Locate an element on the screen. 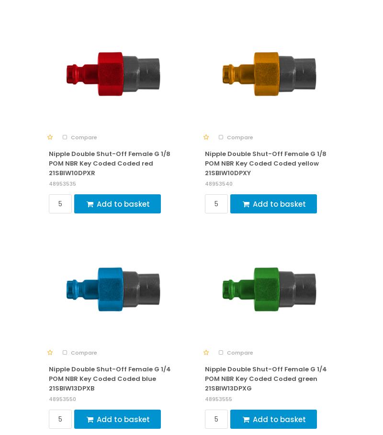  'More information about our products, services or looking for a custom solution?' is located at coordinates (43, 107).